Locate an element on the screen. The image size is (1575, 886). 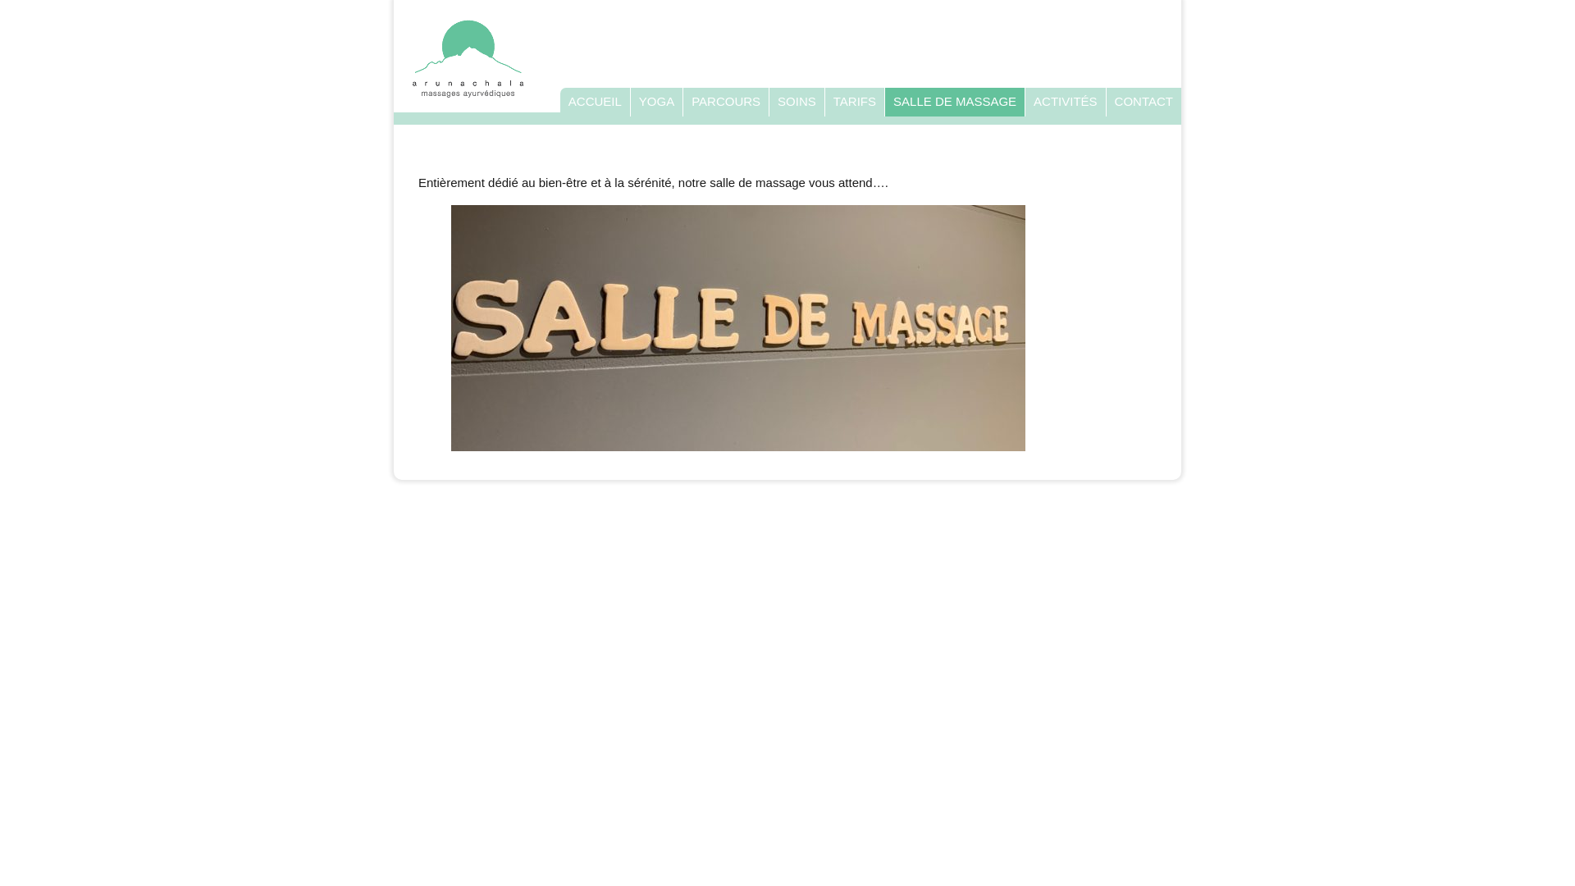
'YOGA' is located at coordinates (637, 101).